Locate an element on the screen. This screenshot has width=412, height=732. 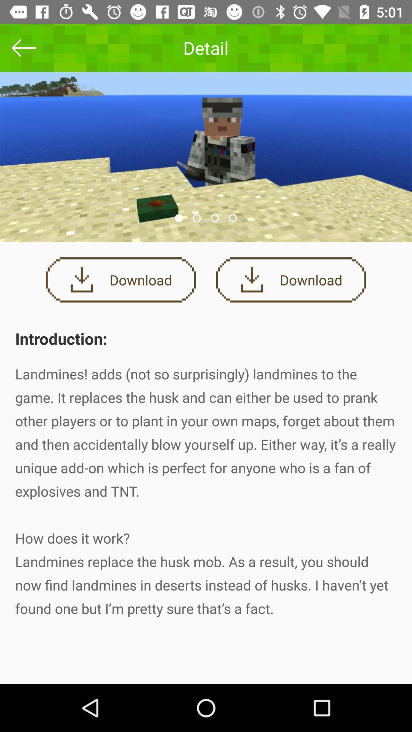
item at the top left corner is located at coordinates (23, 47).